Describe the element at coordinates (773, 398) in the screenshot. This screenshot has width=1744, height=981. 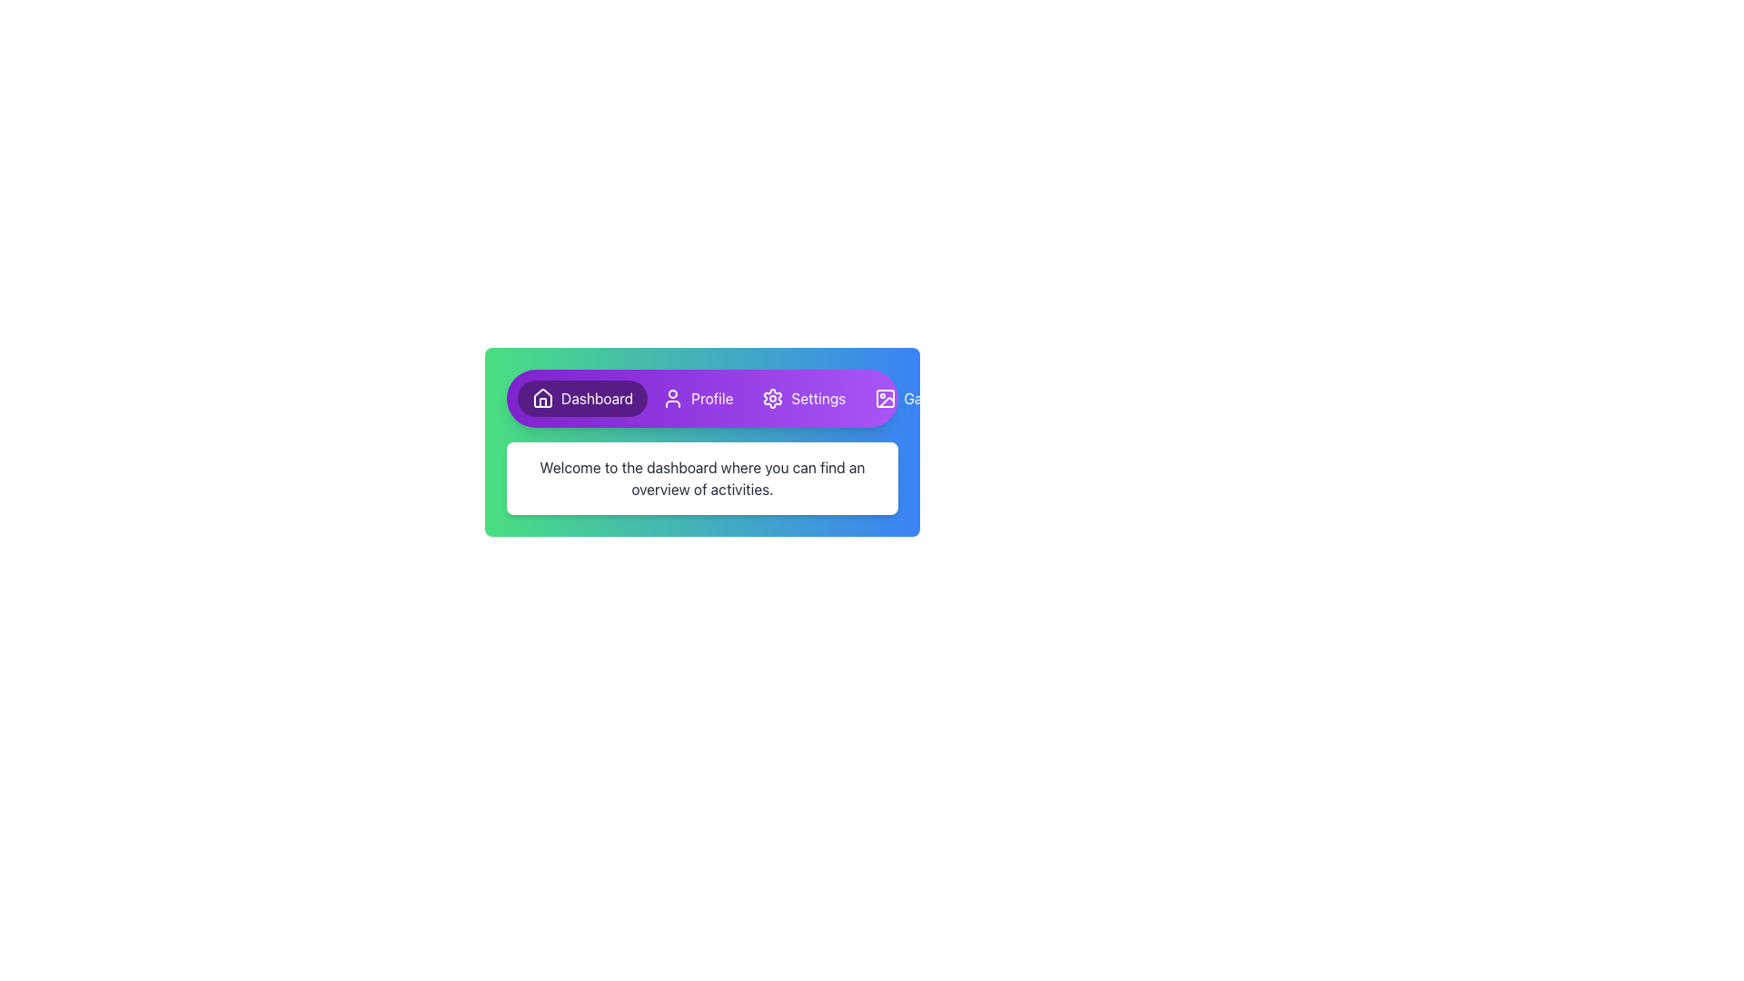
I see `the gear icon in the navigation menu` at that location.